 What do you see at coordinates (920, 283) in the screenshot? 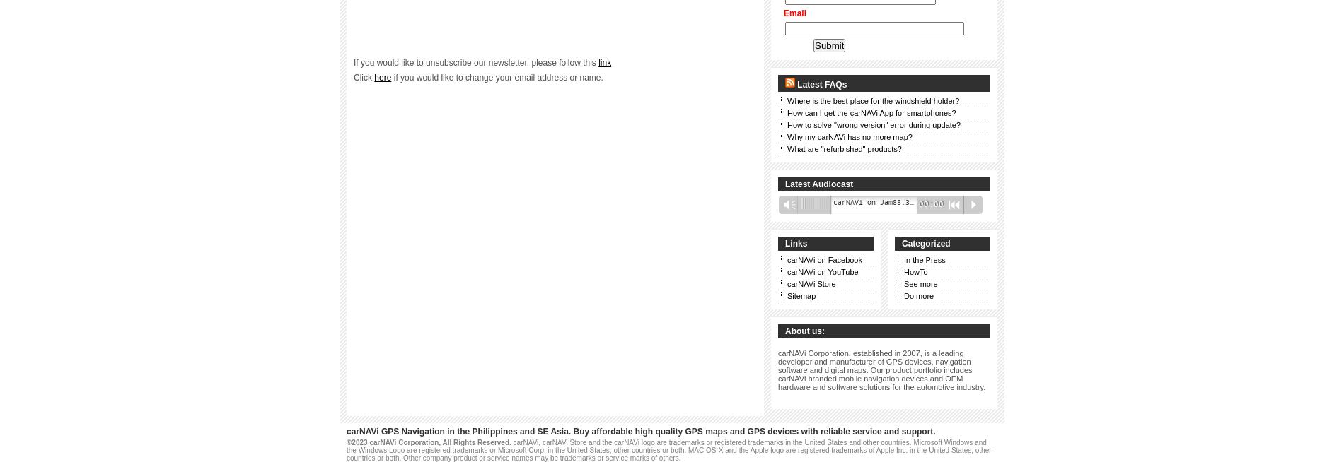
I see `'See more'` at bounding box center [920, 283].